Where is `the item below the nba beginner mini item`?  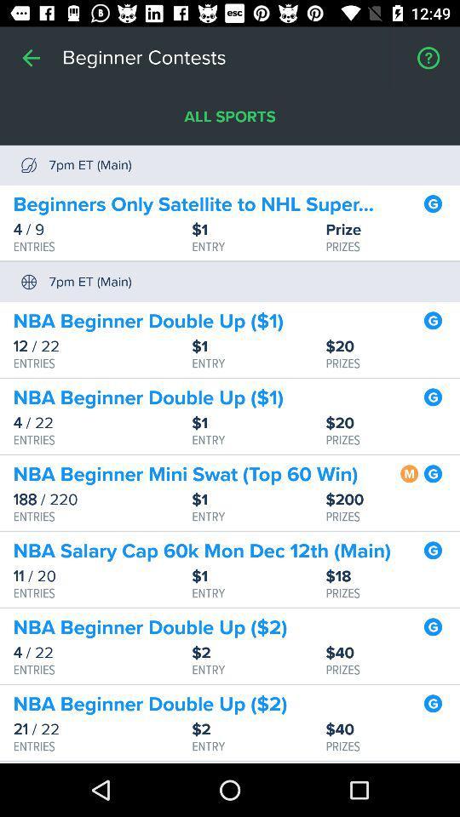 the item below the nba beginner mini item is located at coordinates (393, 500).